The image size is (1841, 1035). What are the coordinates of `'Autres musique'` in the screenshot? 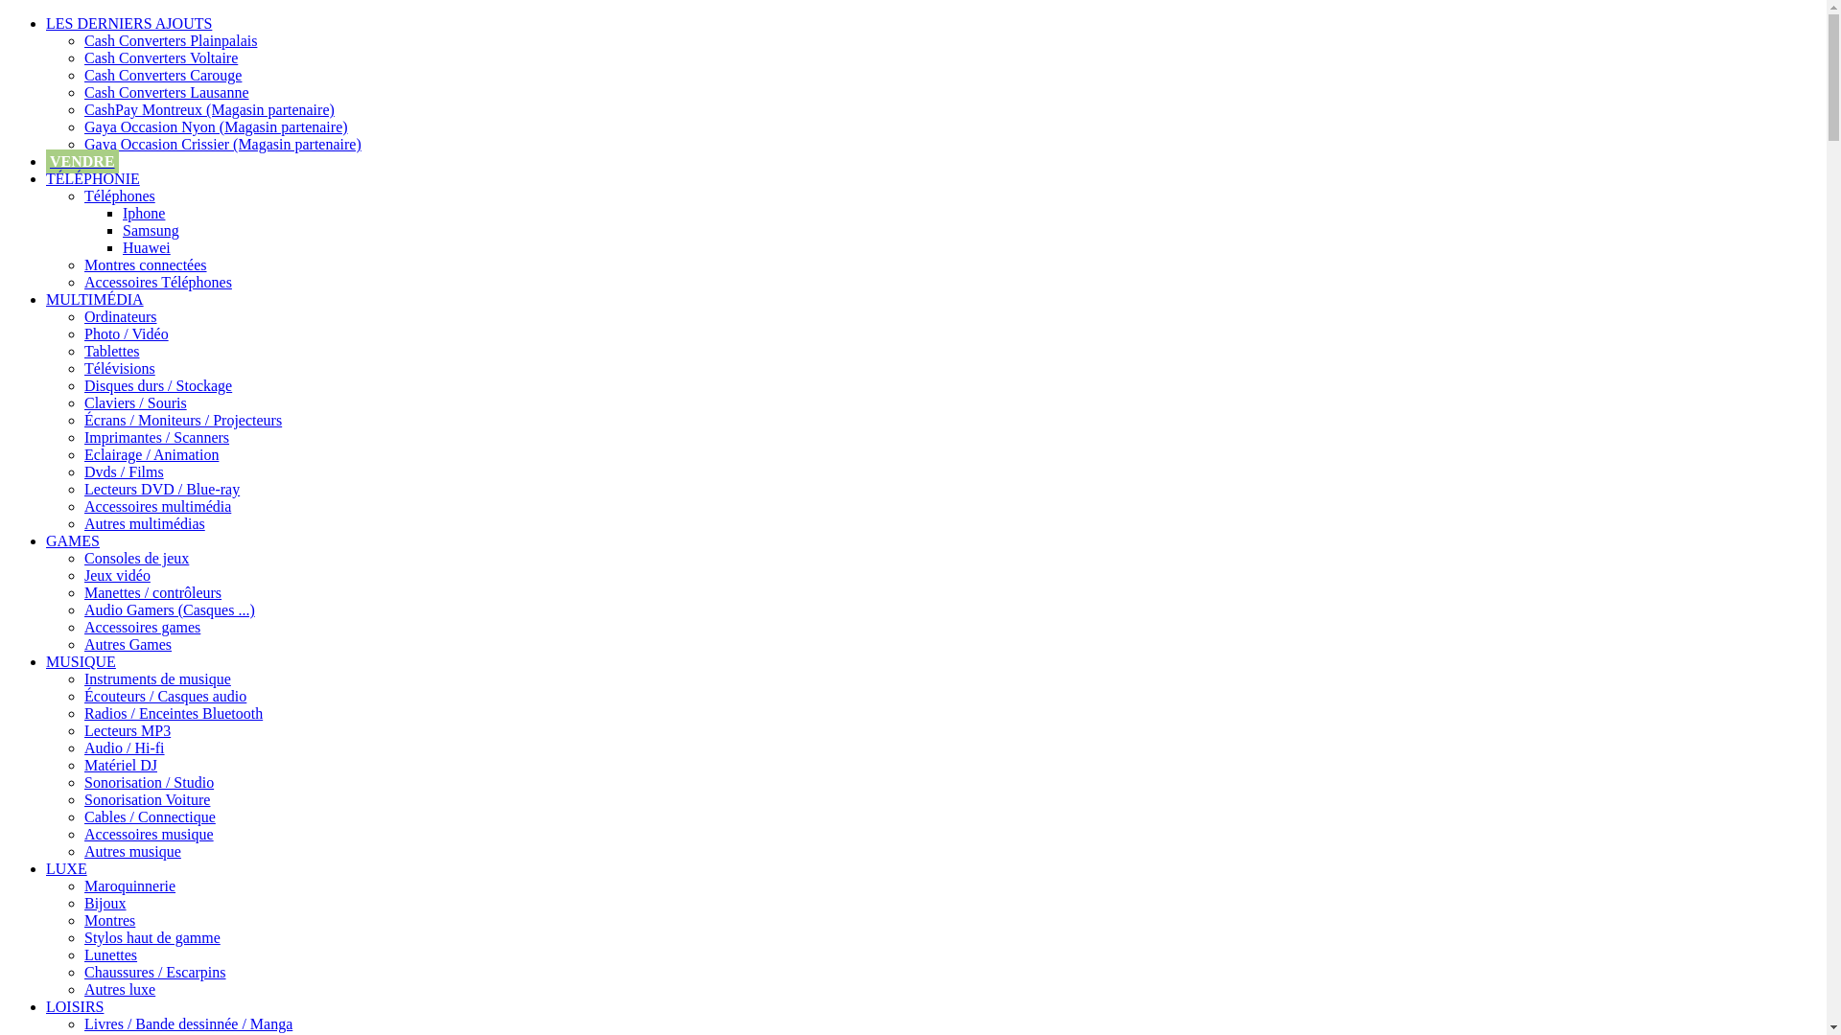 It's located at (131, 850).